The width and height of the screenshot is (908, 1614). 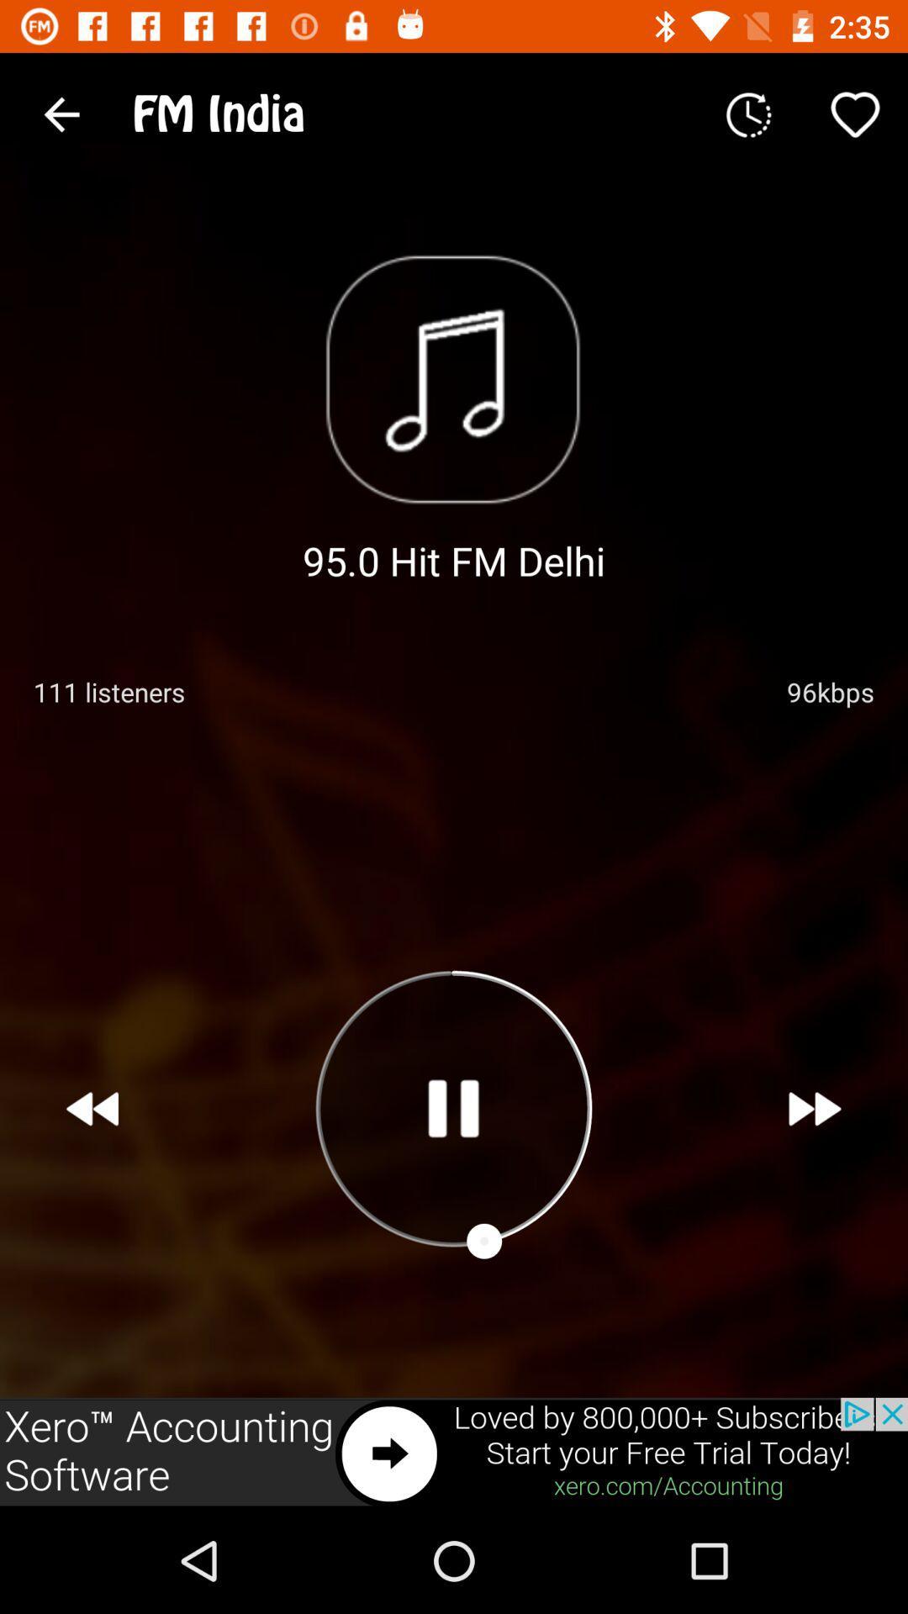 I want to click on the av_forward icon, so click(x=814, y=1109).